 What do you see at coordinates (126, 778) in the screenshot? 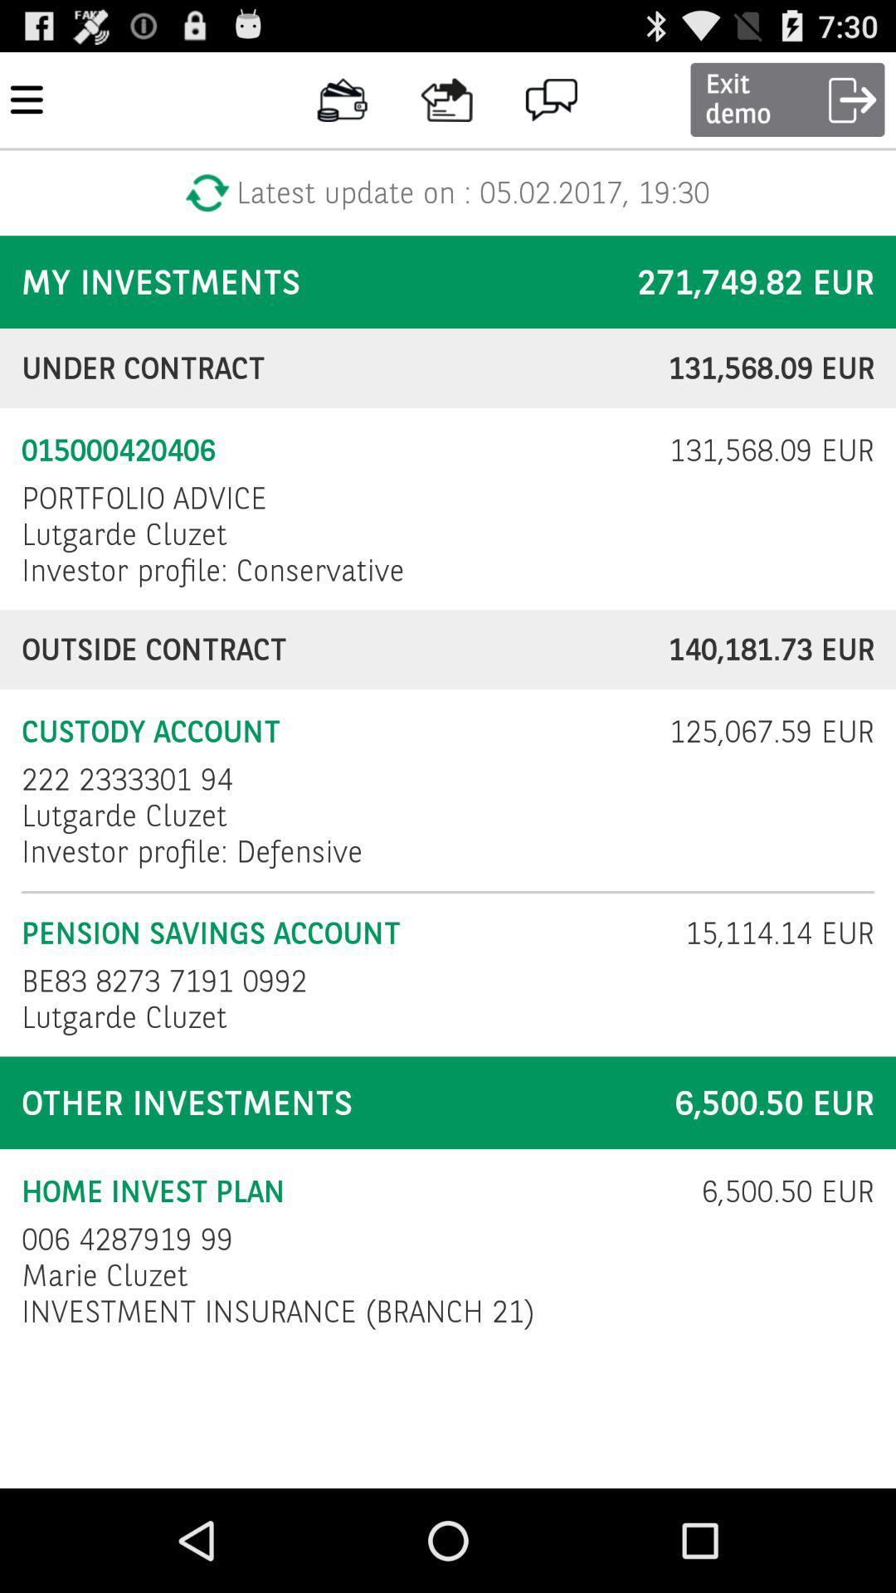
I see `icon to the left of 125 067 59 icon` at bounding box center [126, 778].